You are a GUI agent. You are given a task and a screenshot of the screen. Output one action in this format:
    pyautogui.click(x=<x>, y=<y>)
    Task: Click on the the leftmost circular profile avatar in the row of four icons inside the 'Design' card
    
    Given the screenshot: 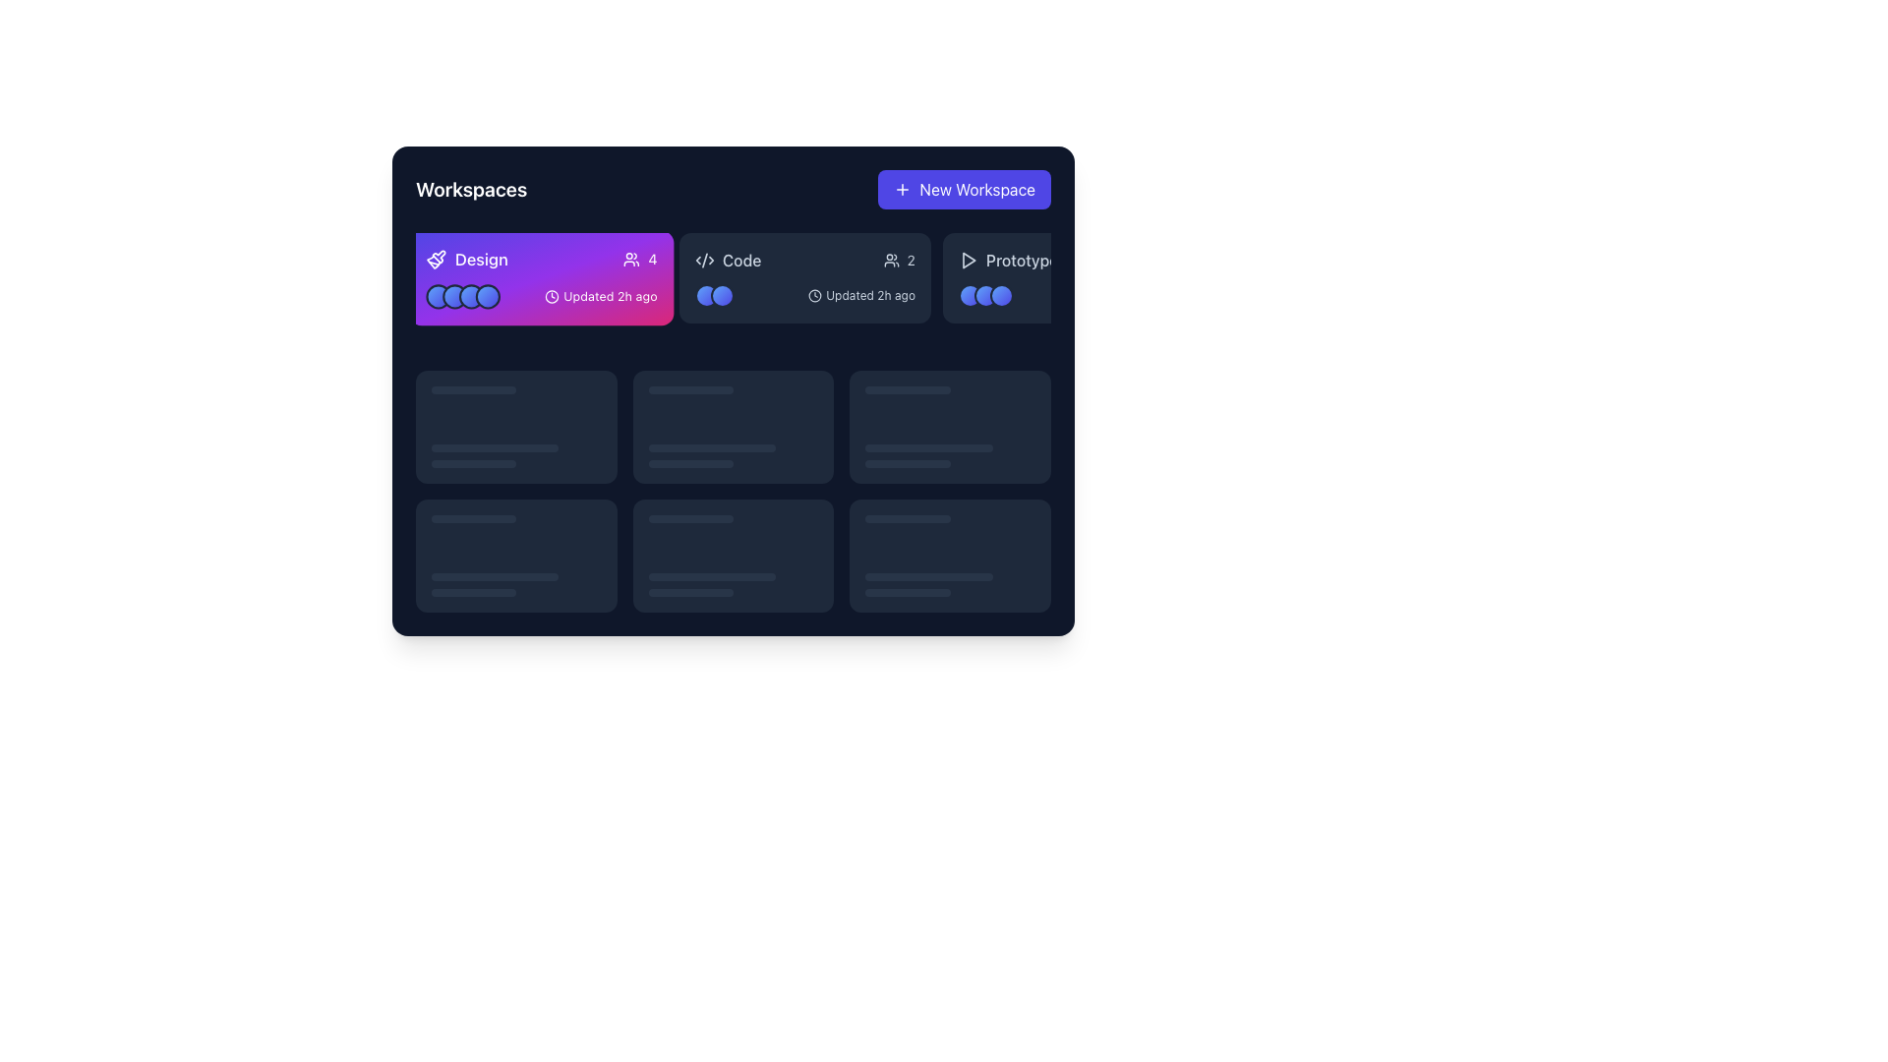 What is the action you would take?
    pyautogui.click(x=438, y=295)
    